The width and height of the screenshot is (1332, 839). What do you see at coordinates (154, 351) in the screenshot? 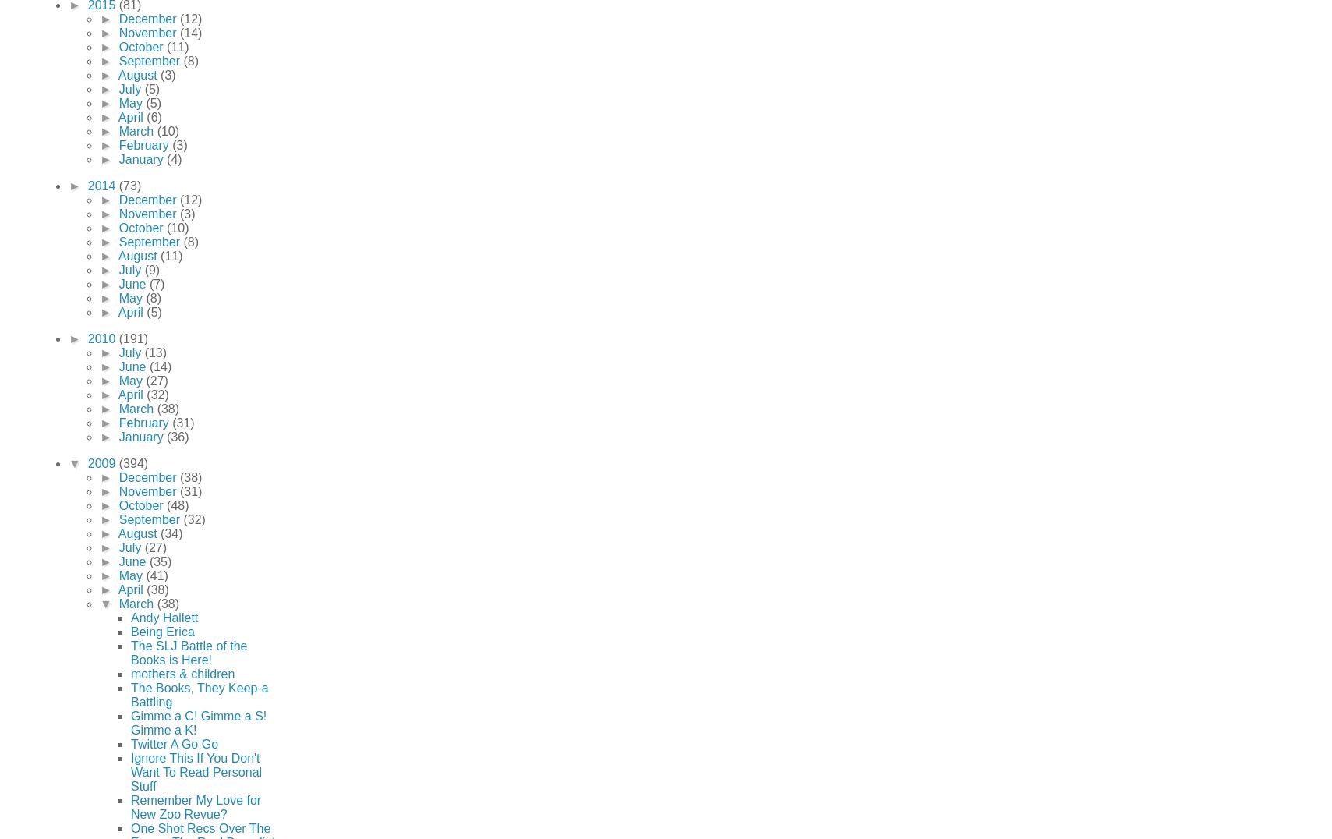
I see `'(13)'` at bounding box center [154, 351].